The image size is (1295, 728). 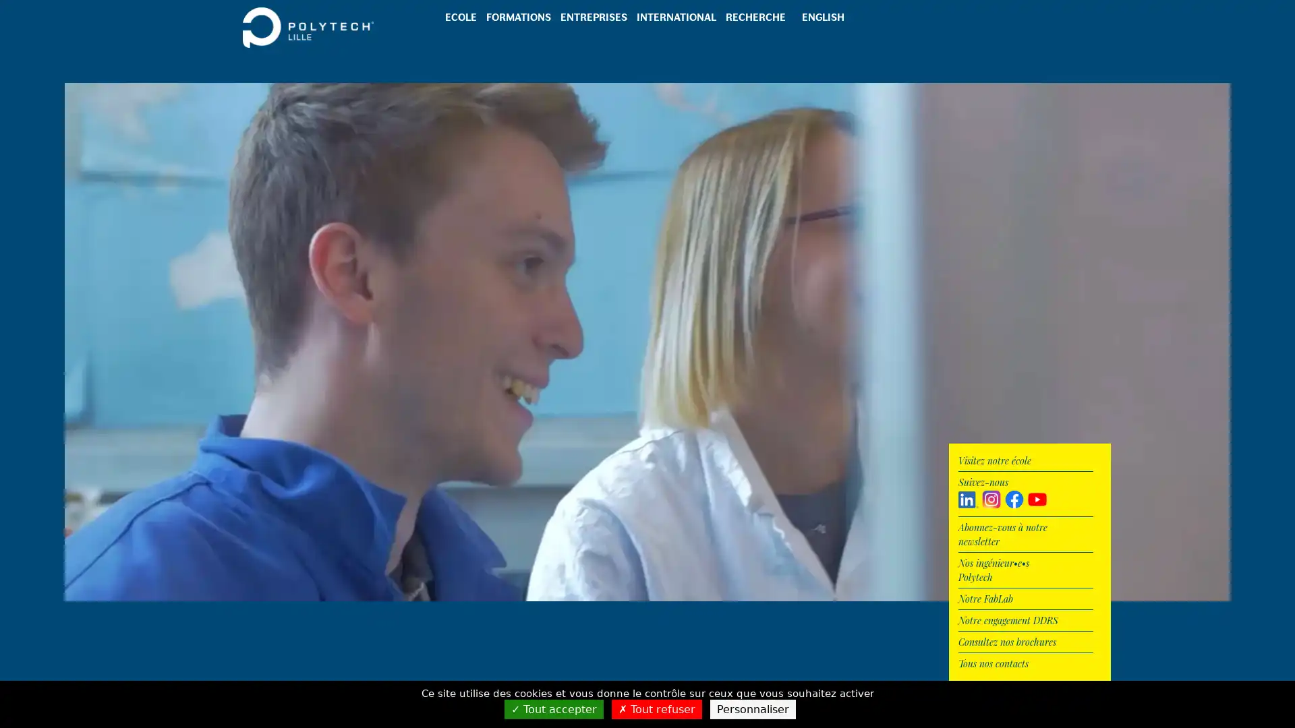 What do you see at coordinates (553, 708) in the screenshot?
I see `Tout accepter` at bounding box center [553, 708].